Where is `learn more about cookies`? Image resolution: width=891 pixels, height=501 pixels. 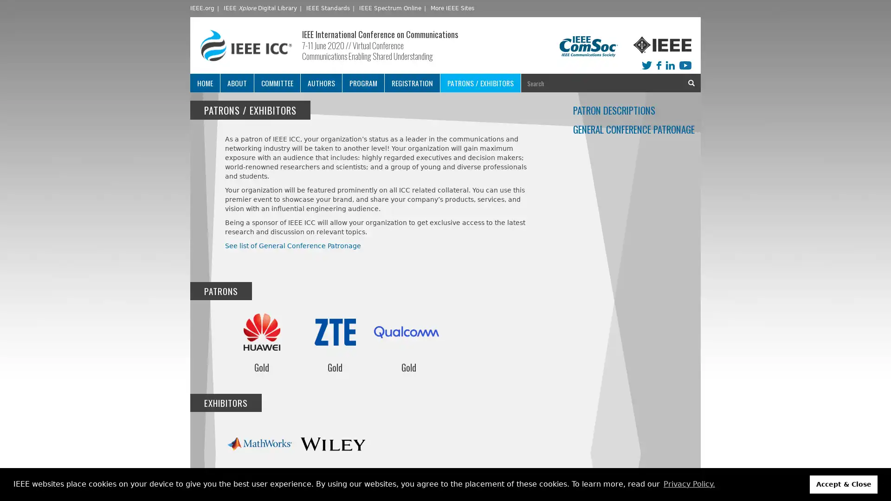 learn more about cookies is located at coordinates (689, 484).